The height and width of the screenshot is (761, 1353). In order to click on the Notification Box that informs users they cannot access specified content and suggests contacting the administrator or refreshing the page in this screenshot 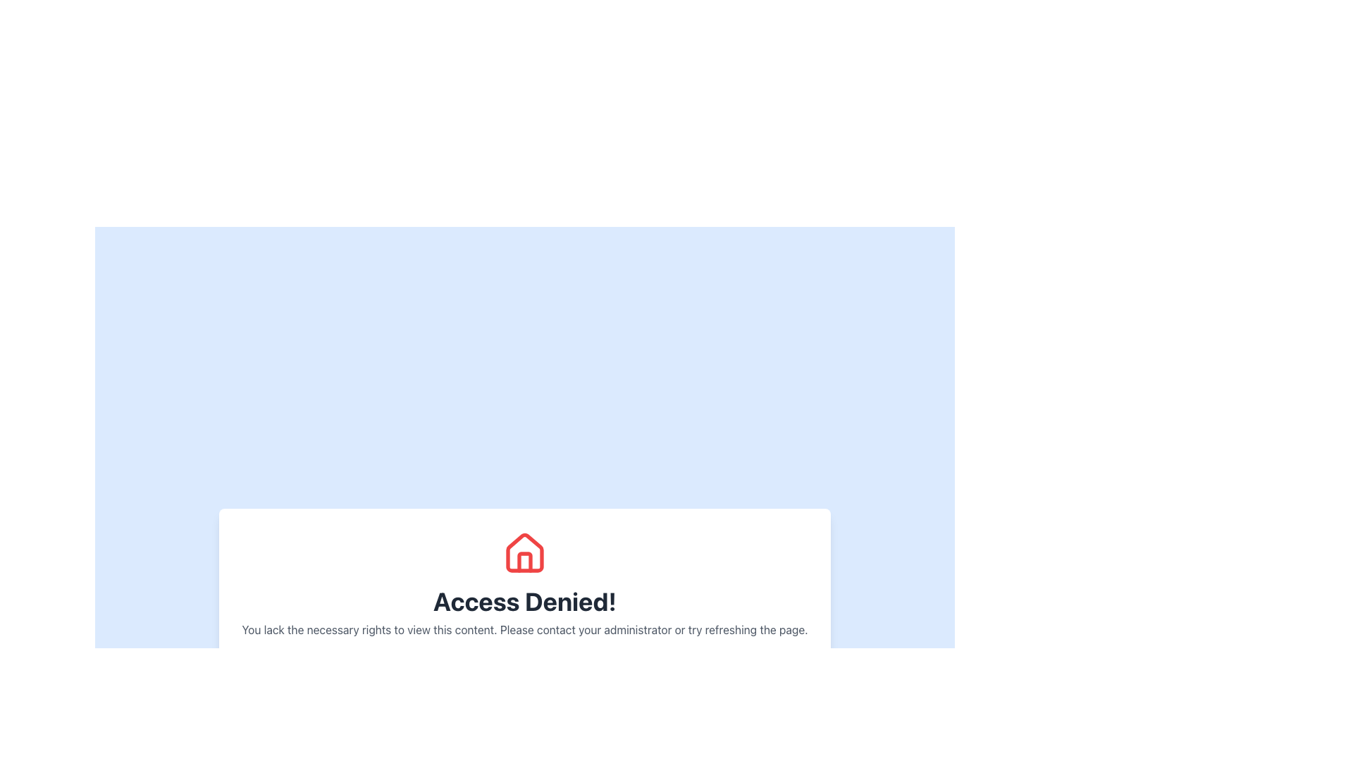, I will do `click(524, 606)`.